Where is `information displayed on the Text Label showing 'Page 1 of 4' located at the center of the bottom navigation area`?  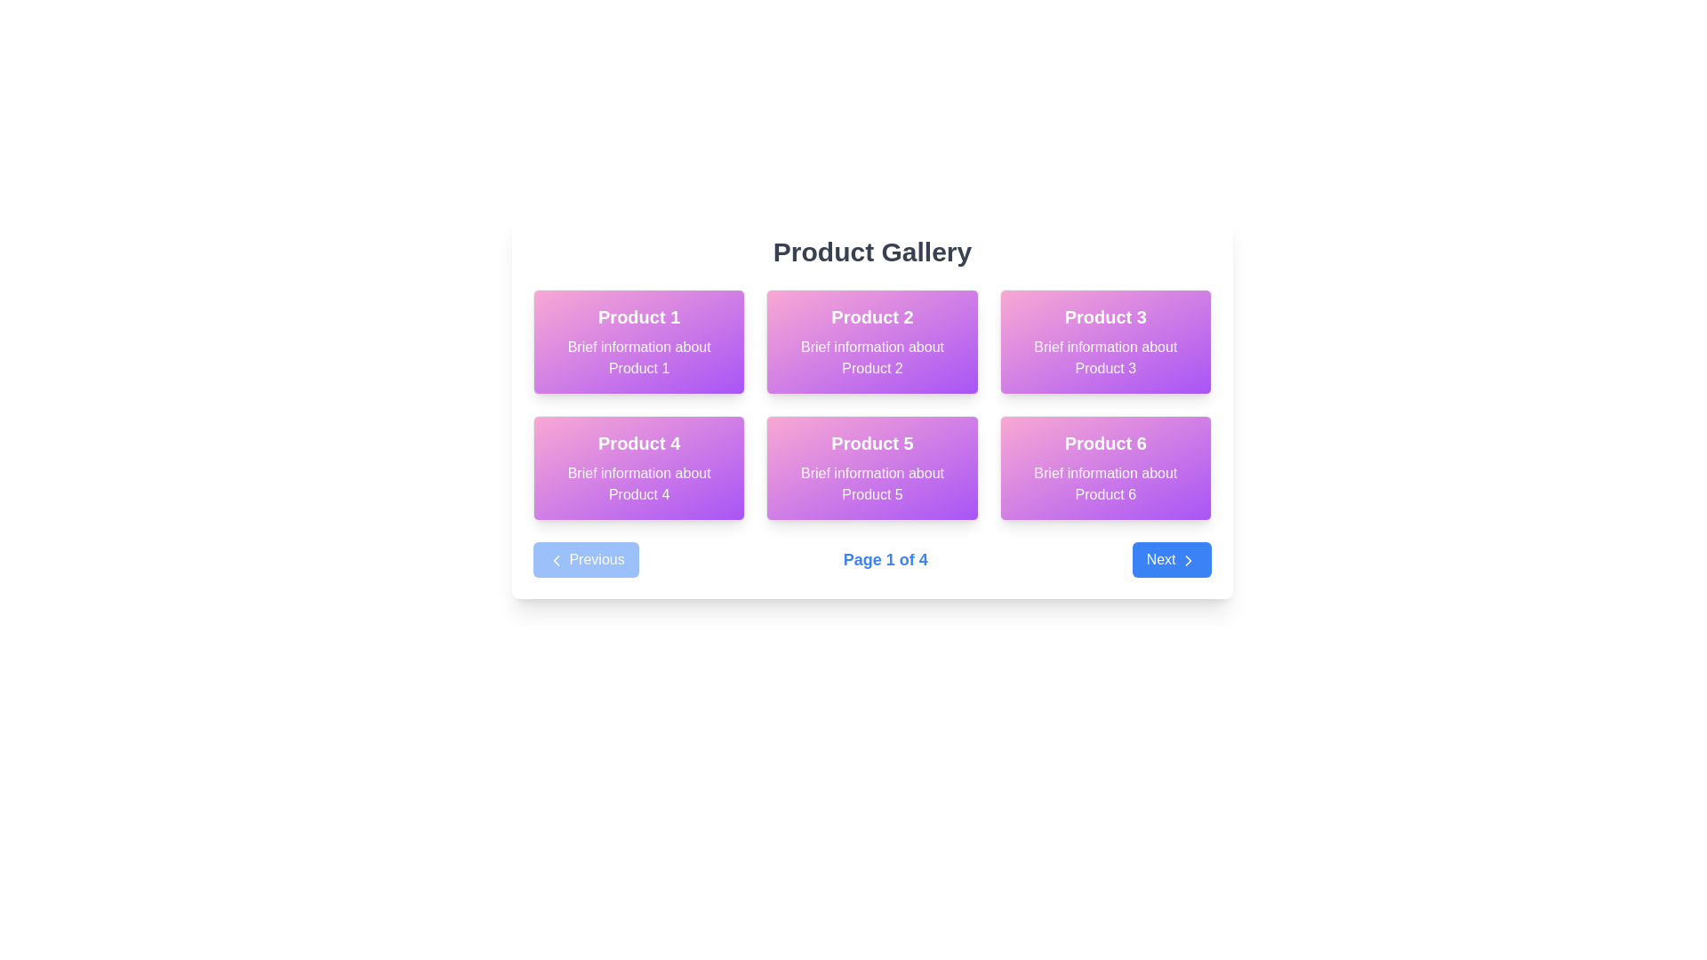
information displayed on the Text Label showing 'Page 1 of 4' located at the center of the bottom navigation area is located at coordinates (886, 558).